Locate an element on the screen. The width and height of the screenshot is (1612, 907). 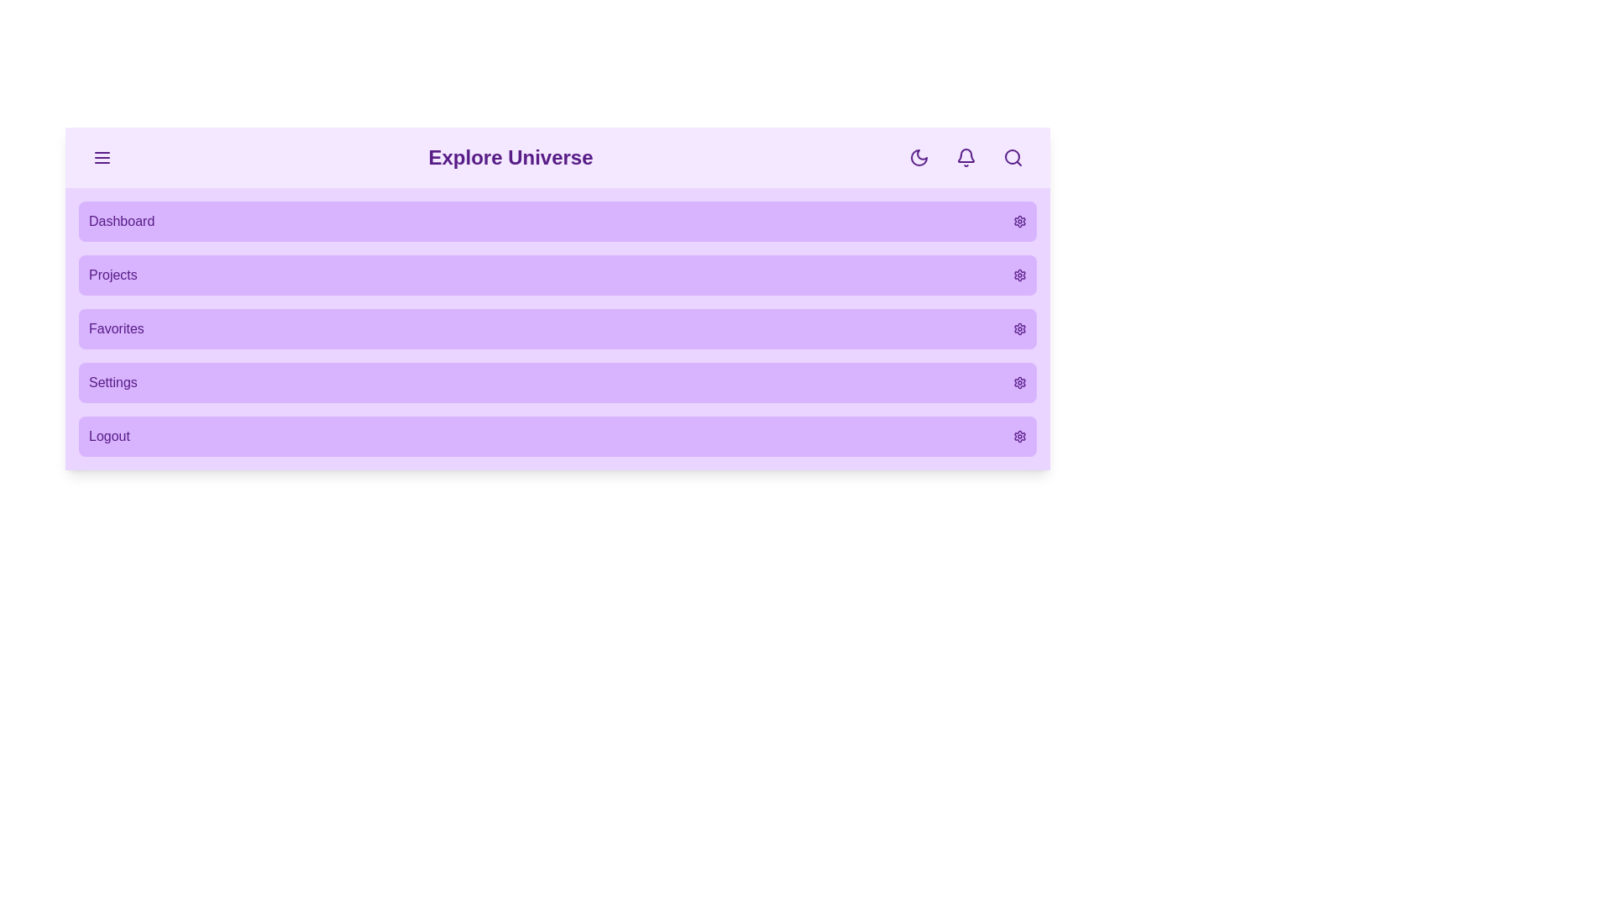
the menu item Dashboard from the menu is located at coordinates (557, 220).